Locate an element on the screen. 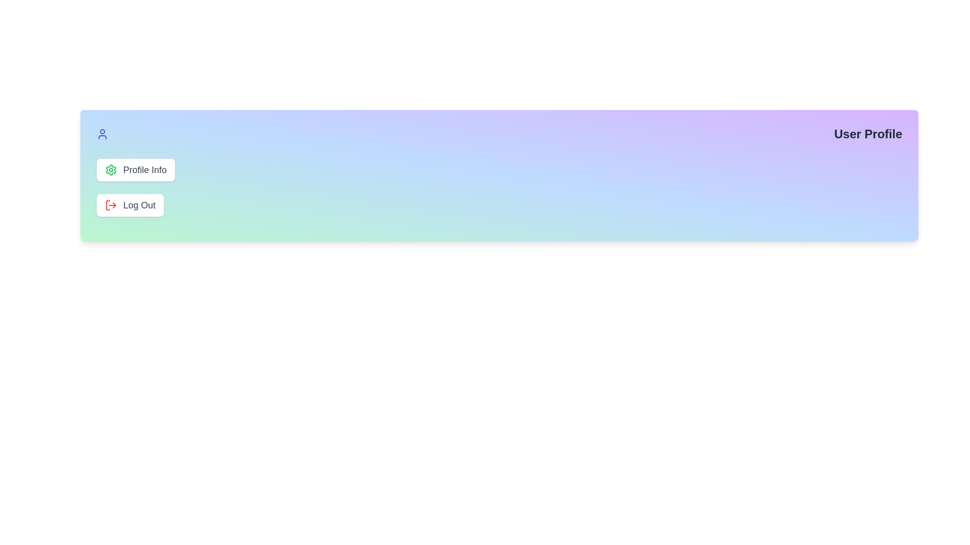 The width and height of the screenshot is (970, 545). the user icon to toggle the visibility of the menu is located at coordinates (102, 134).